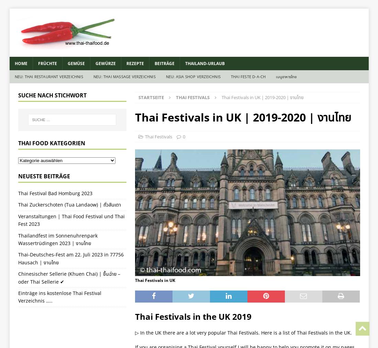 This screenshot has width=378, height=348. I want to click on 'Suche nach Stichwort', so click(52, 95).